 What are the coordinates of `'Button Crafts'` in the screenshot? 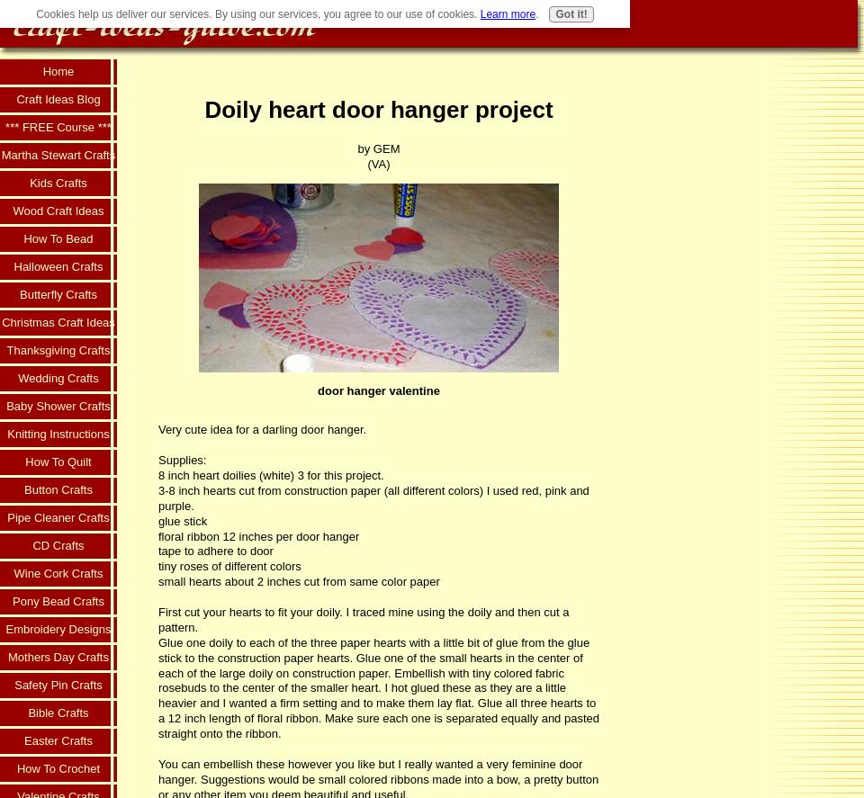 It's located at (58, 489).